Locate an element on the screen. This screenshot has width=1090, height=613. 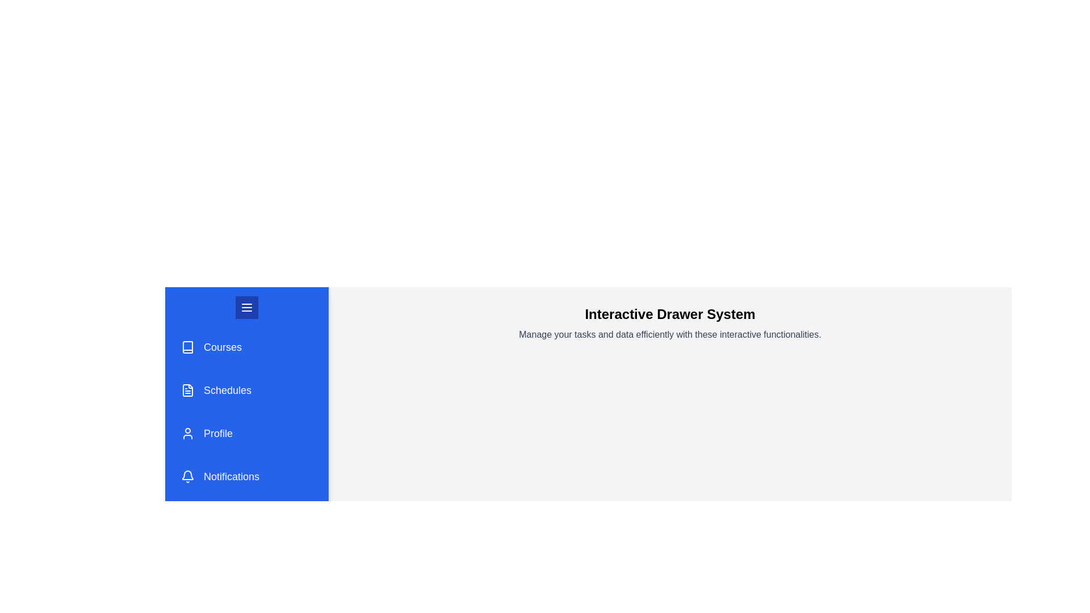
the 'Notifications' menu item in the drawer is located at coordinates (246, 477).